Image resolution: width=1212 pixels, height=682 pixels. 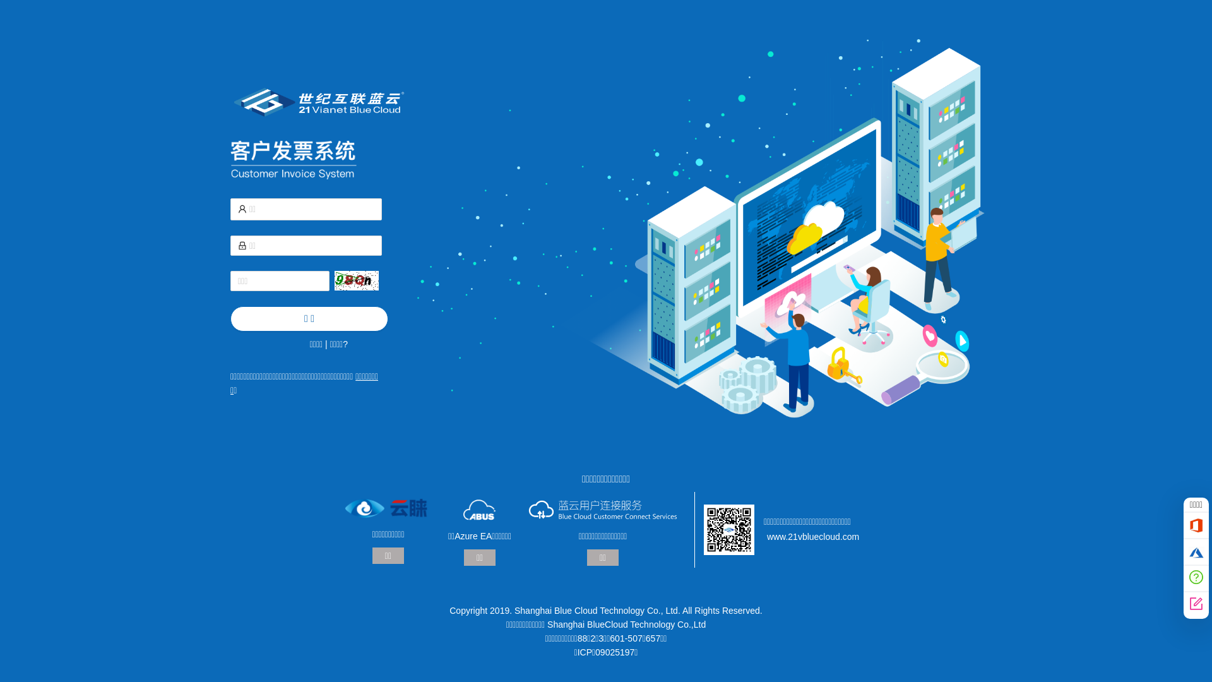 I want to click on 'www.21vbluecloud.com', so click(x=754, y=536).